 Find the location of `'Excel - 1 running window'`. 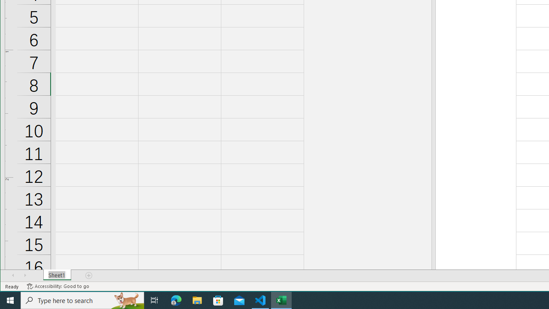

'Excel - 1 running window' is located at coordinates (281, 300).